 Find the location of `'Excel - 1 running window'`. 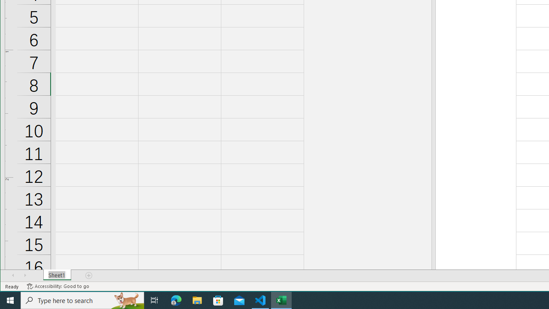

'Excel - 1 running window' is located at coordinates (281, 300).